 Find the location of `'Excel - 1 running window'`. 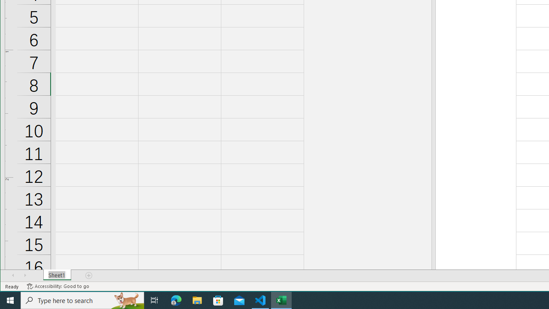

'Excel - 1 running window' is located at coordinates (281, 300).